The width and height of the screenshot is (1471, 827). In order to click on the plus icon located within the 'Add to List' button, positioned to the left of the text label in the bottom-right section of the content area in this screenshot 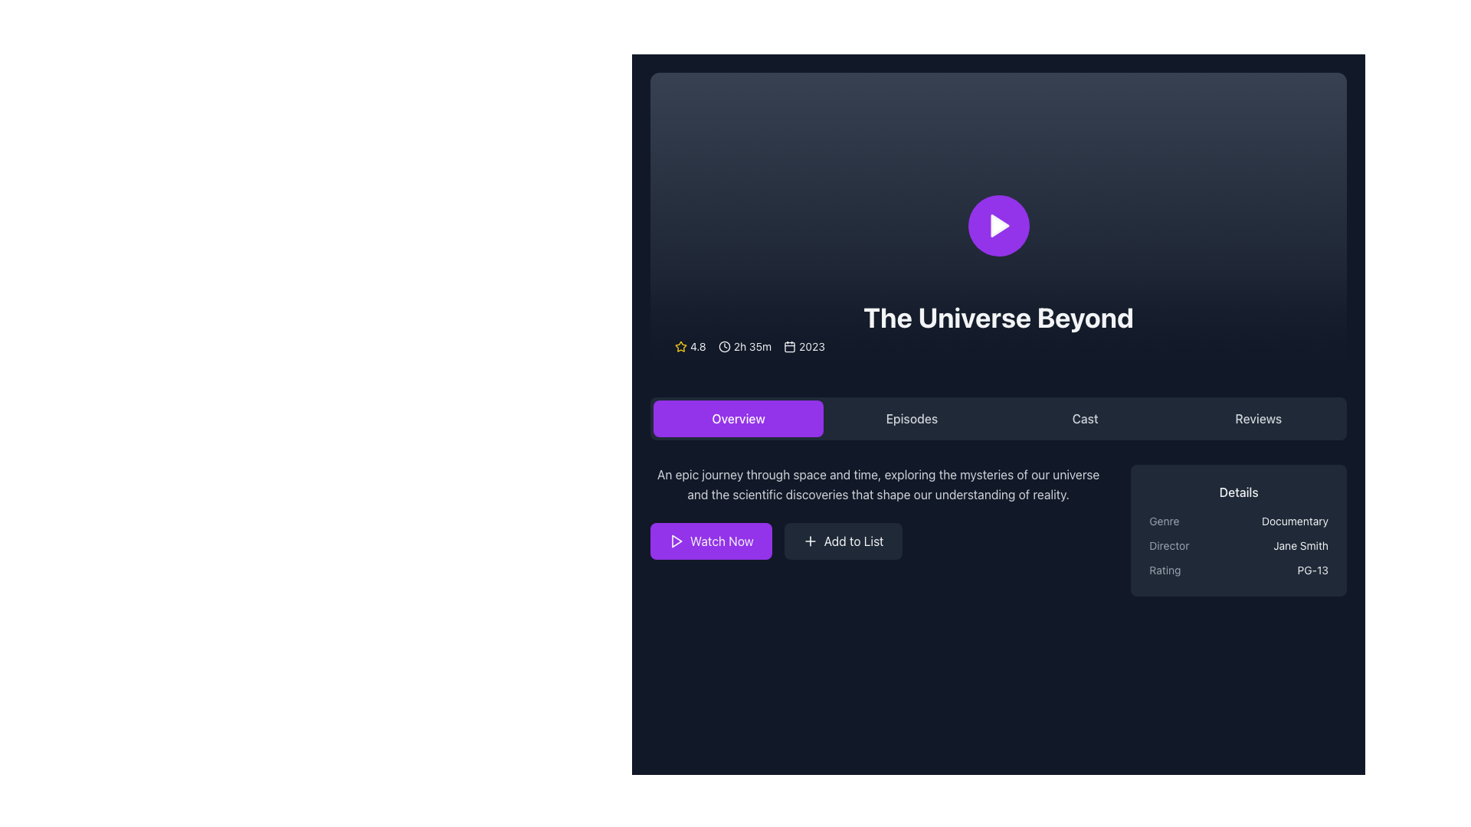, I will do `click(809, 540)`.